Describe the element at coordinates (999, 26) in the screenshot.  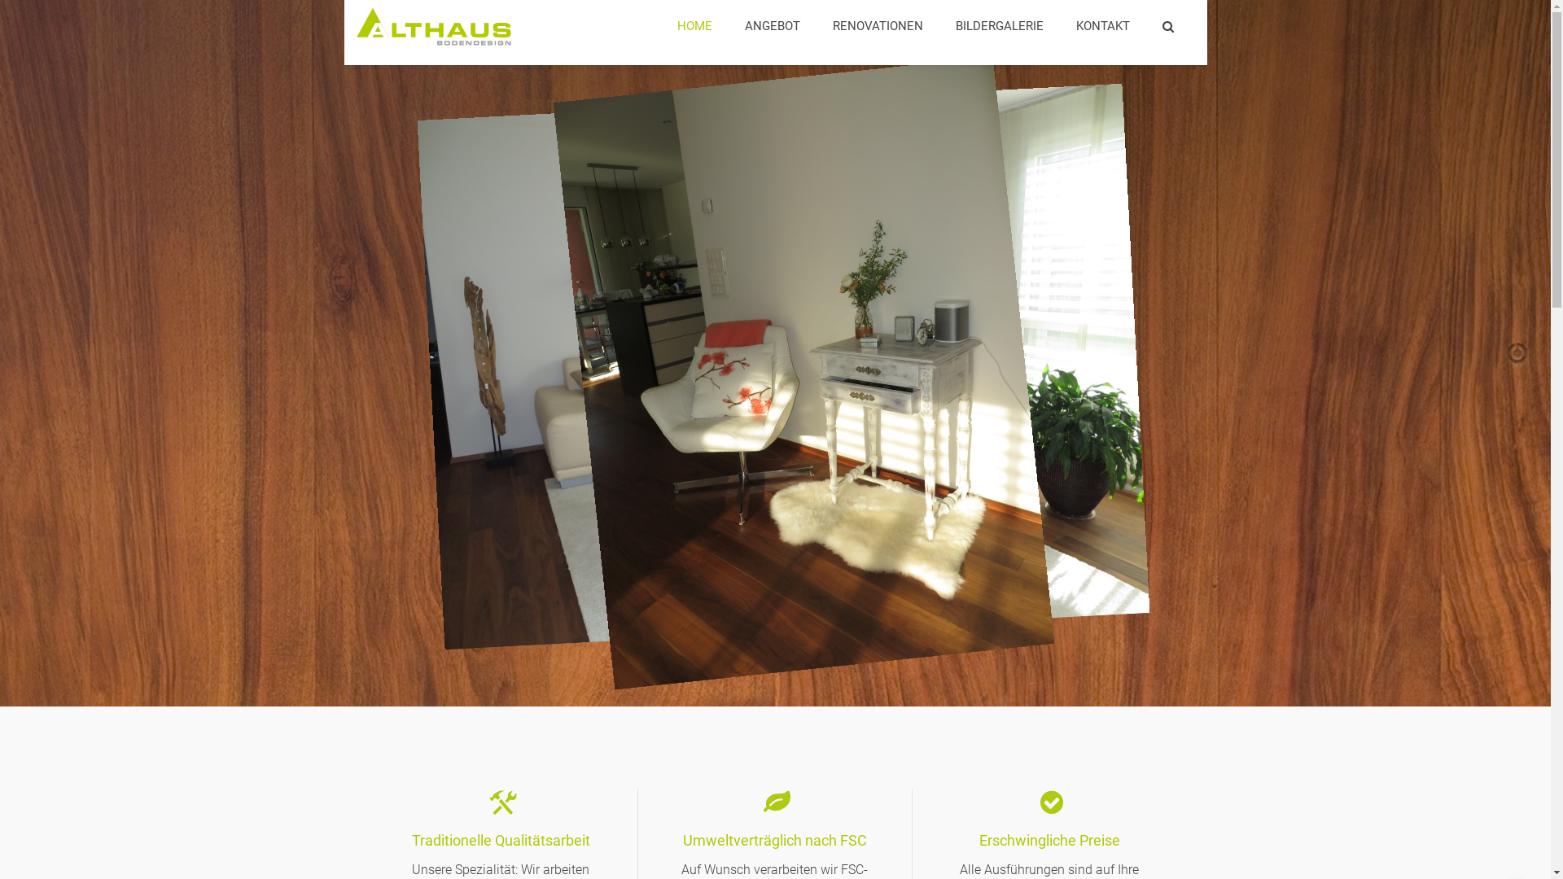
I see `'BILDERGALERIE'` at that location.